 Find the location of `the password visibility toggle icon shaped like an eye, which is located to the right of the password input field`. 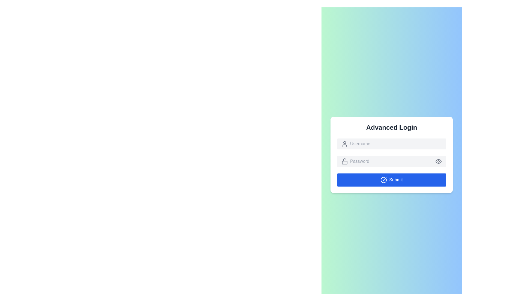

the password visibility toggle icon shaped like an eye, which is located to the right of the password input field is located at coordinates (439, 161).